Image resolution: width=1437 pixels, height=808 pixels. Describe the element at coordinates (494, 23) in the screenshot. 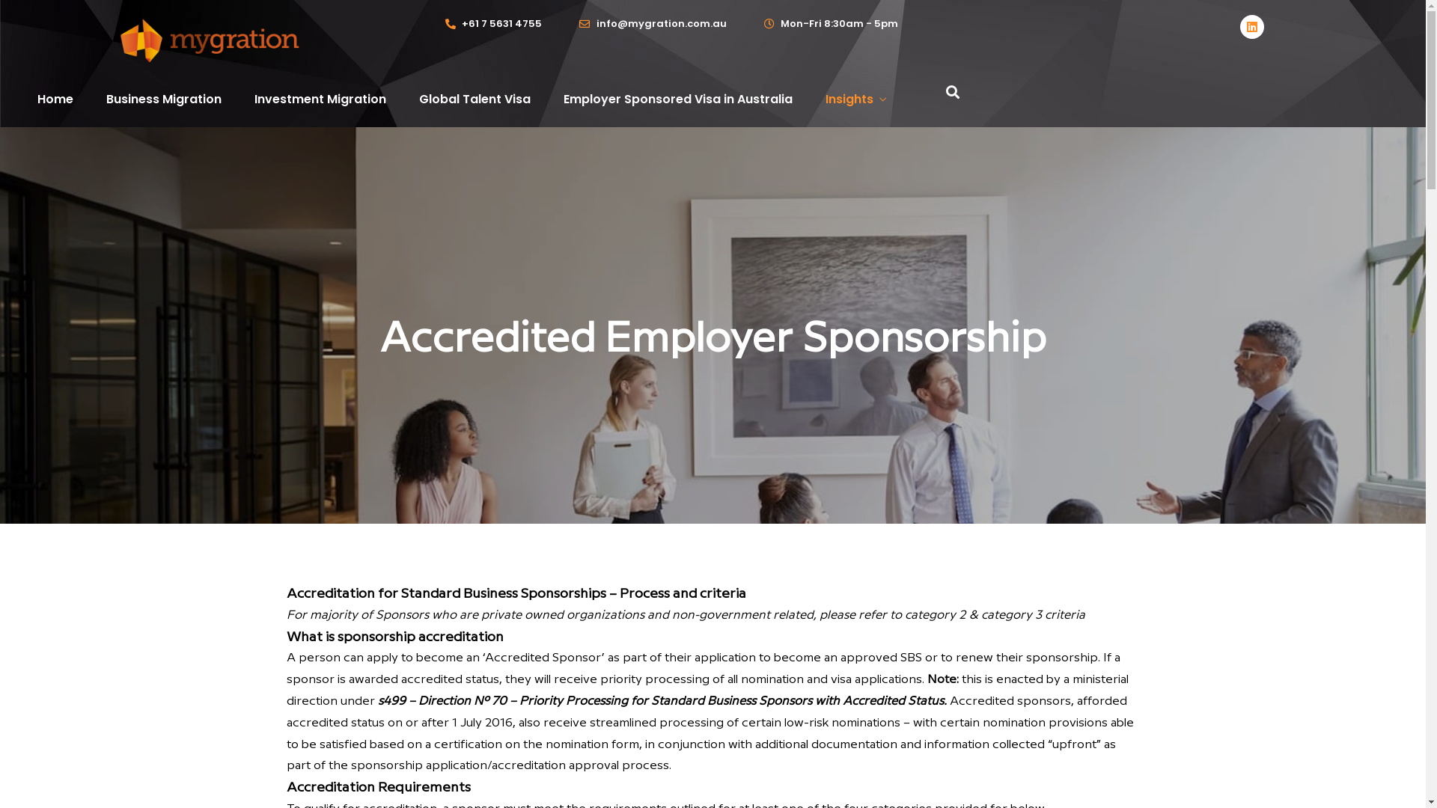

I see `'+61 7 5631 4755'` at that location.